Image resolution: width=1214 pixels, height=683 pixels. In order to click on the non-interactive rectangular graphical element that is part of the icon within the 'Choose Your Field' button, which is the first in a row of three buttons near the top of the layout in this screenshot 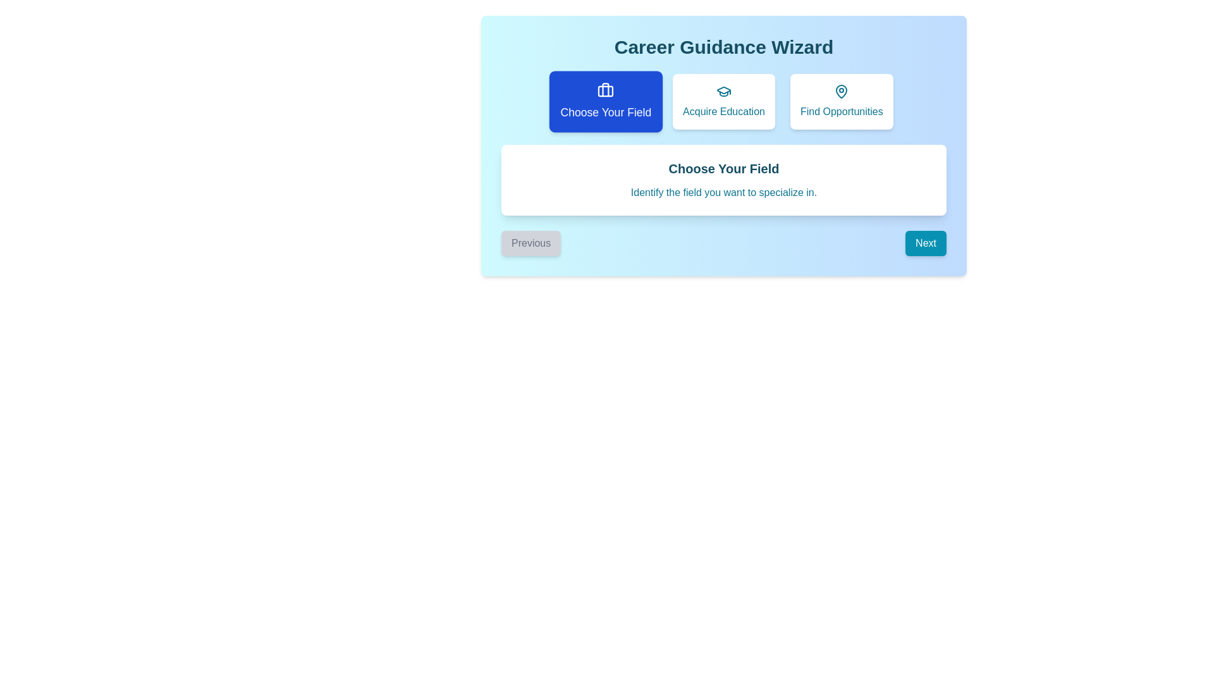, I will do `click(605, 90)`.